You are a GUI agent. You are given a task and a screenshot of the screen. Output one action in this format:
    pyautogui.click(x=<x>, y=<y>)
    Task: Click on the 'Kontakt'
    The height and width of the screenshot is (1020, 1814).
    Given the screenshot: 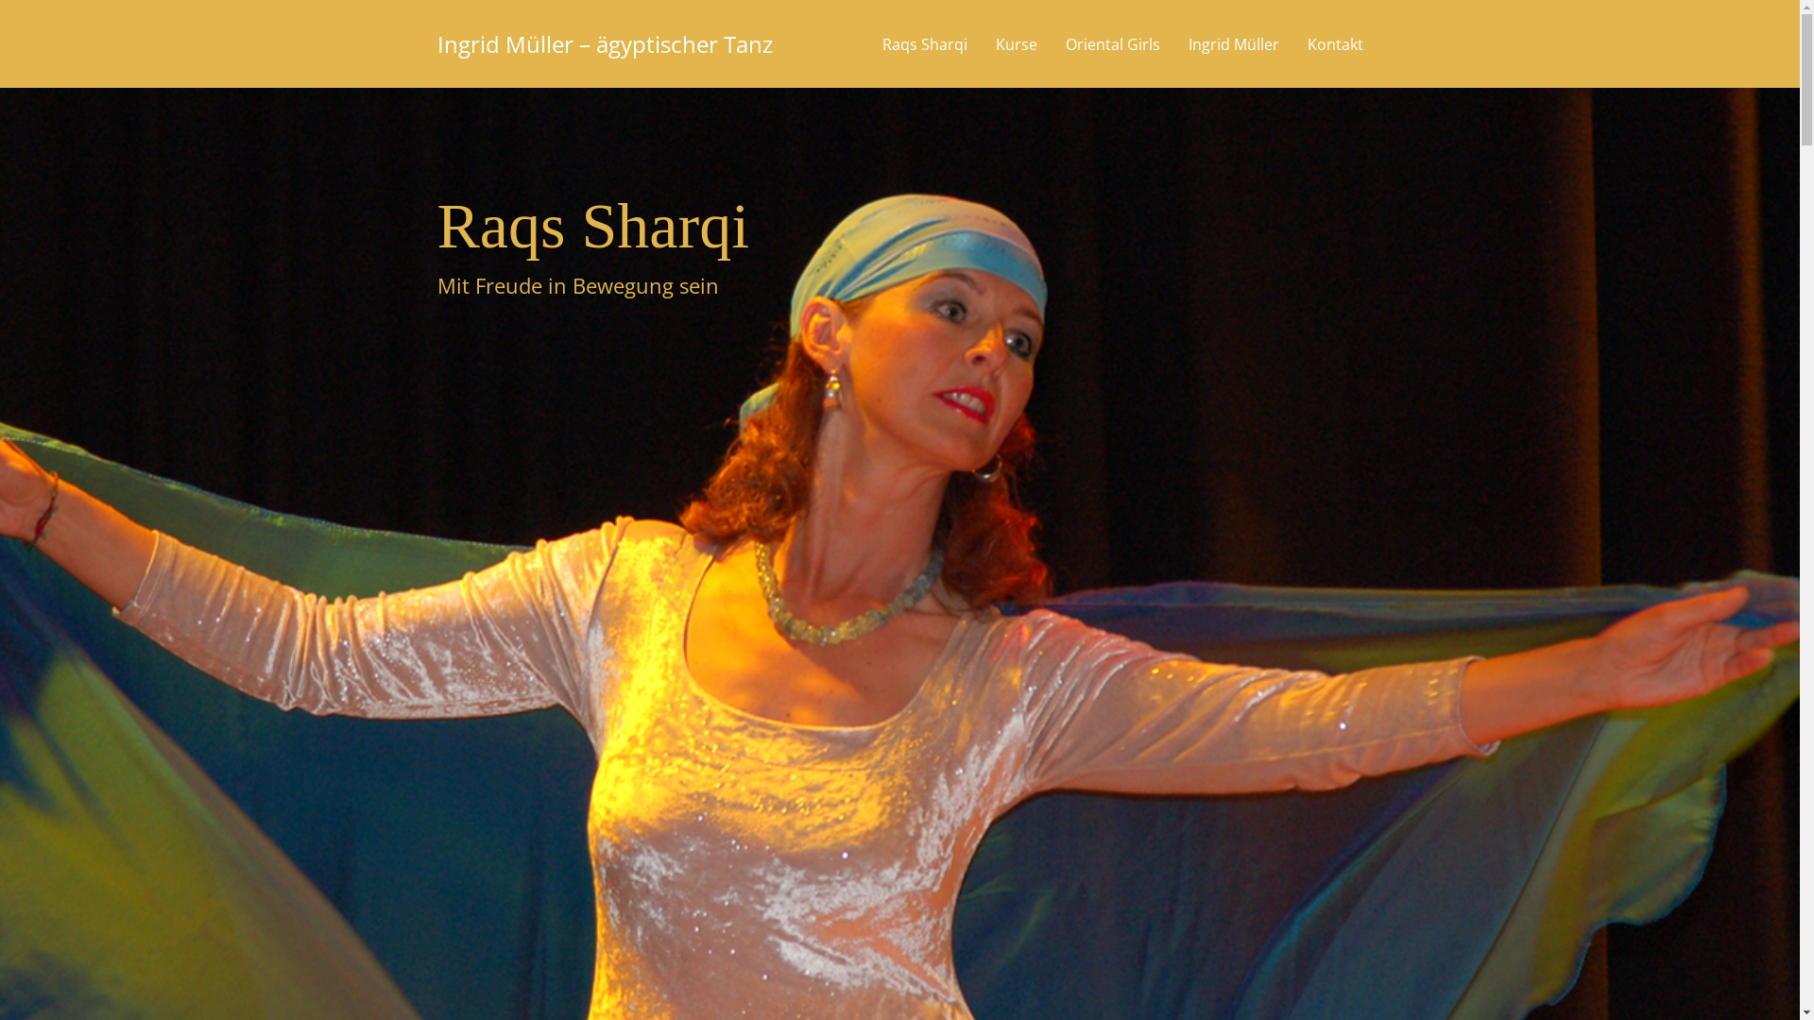 What is the action you would take?
    pyautogui.click(x=1292, y=42)
    